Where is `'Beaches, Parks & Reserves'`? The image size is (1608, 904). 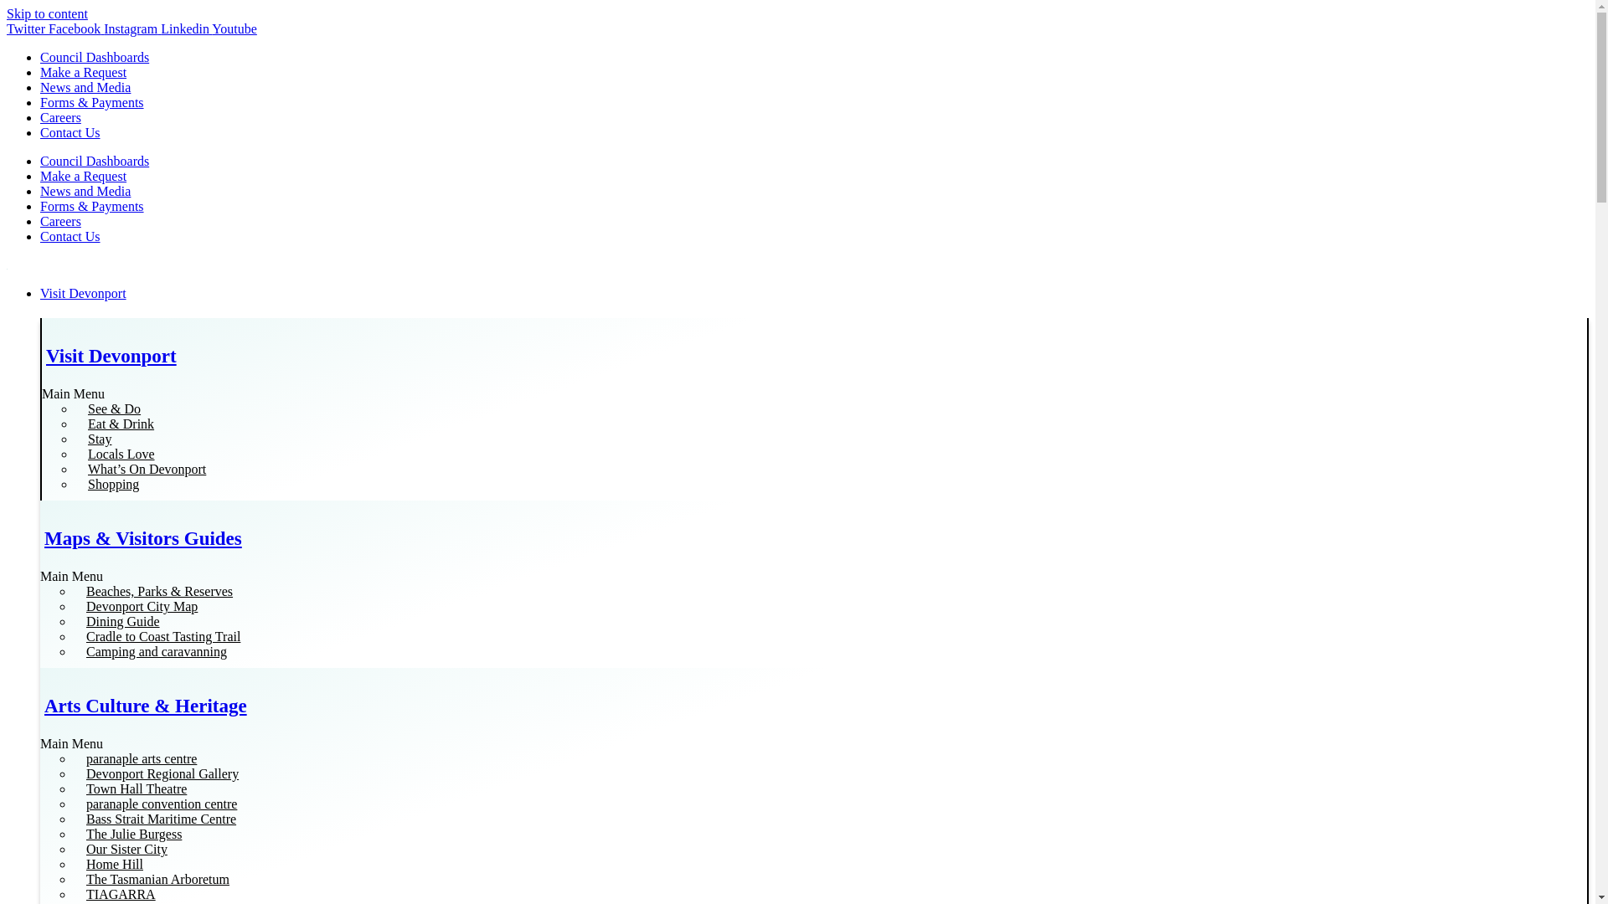 'Beaches, Parks & Reserves' is located at coordinates (72, 590).